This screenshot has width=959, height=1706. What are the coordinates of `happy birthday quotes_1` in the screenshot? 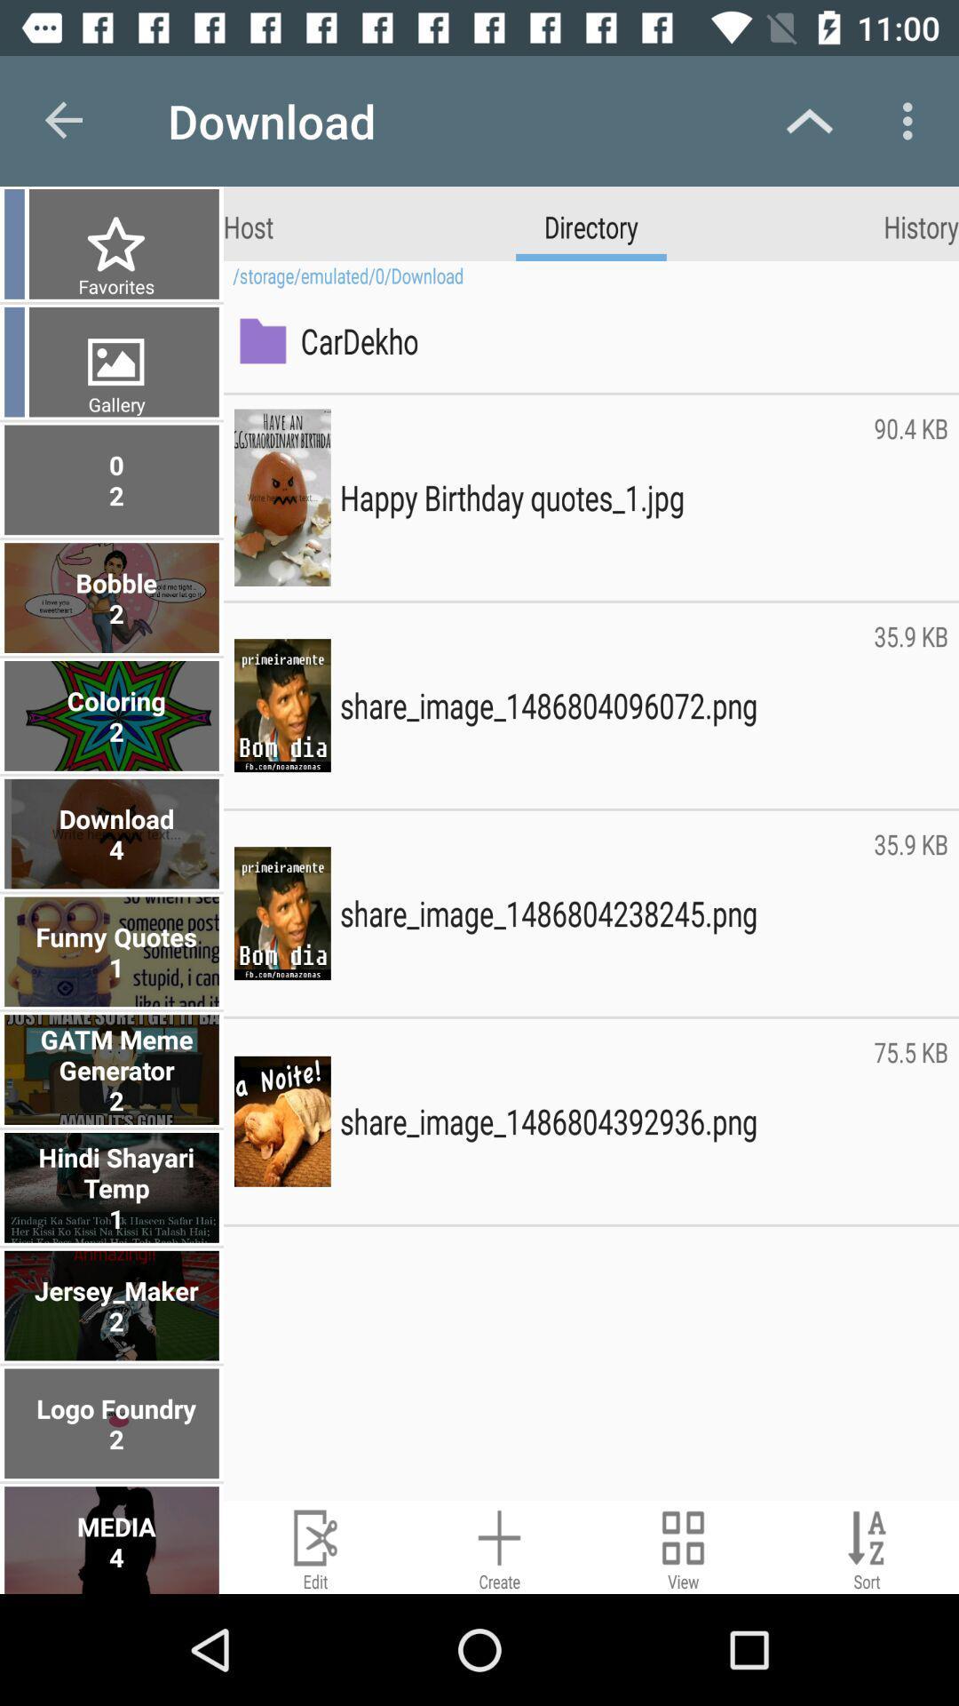 It's located at (601, 497).